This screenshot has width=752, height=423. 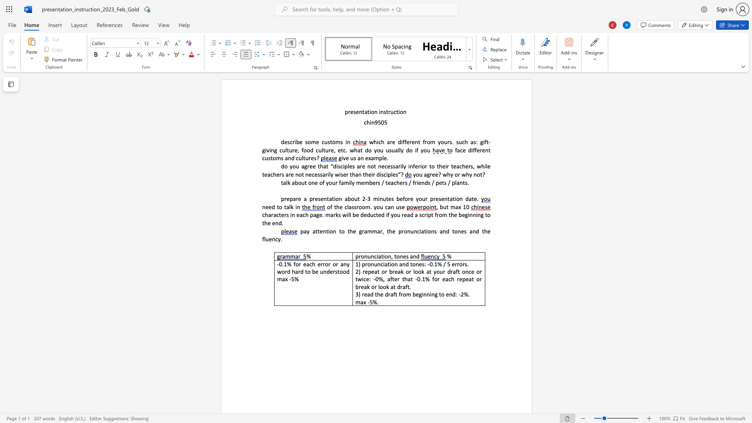 I want to click on the 4th character "o" in the text, so click(x=423, y=166).